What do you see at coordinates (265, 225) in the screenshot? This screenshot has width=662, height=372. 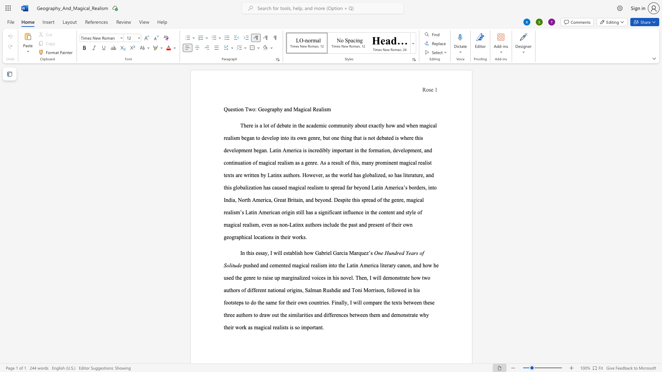 I see `the 1th character "v" in the text` at bounding box center [265, 225].